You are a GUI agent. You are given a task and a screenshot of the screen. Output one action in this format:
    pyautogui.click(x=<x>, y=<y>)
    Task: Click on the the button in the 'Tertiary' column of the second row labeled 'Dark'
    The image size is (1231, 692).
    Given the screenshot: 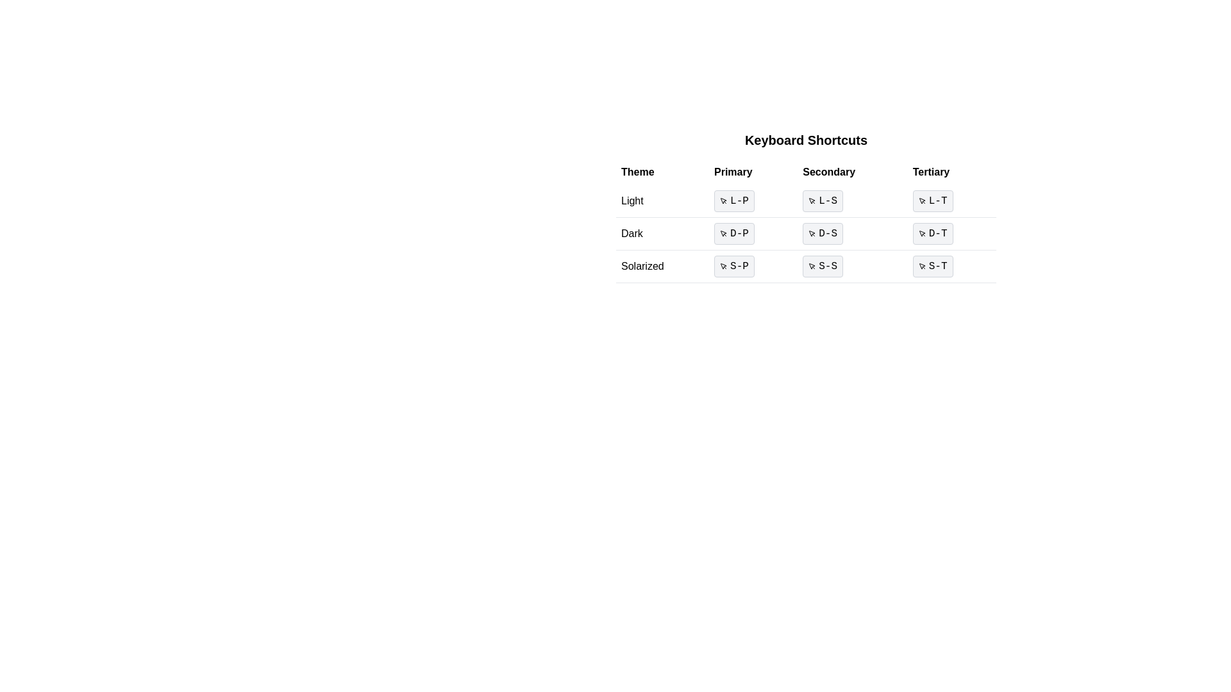 What is the action you would take?
    pyautogui.click(x=932, y=234)
    